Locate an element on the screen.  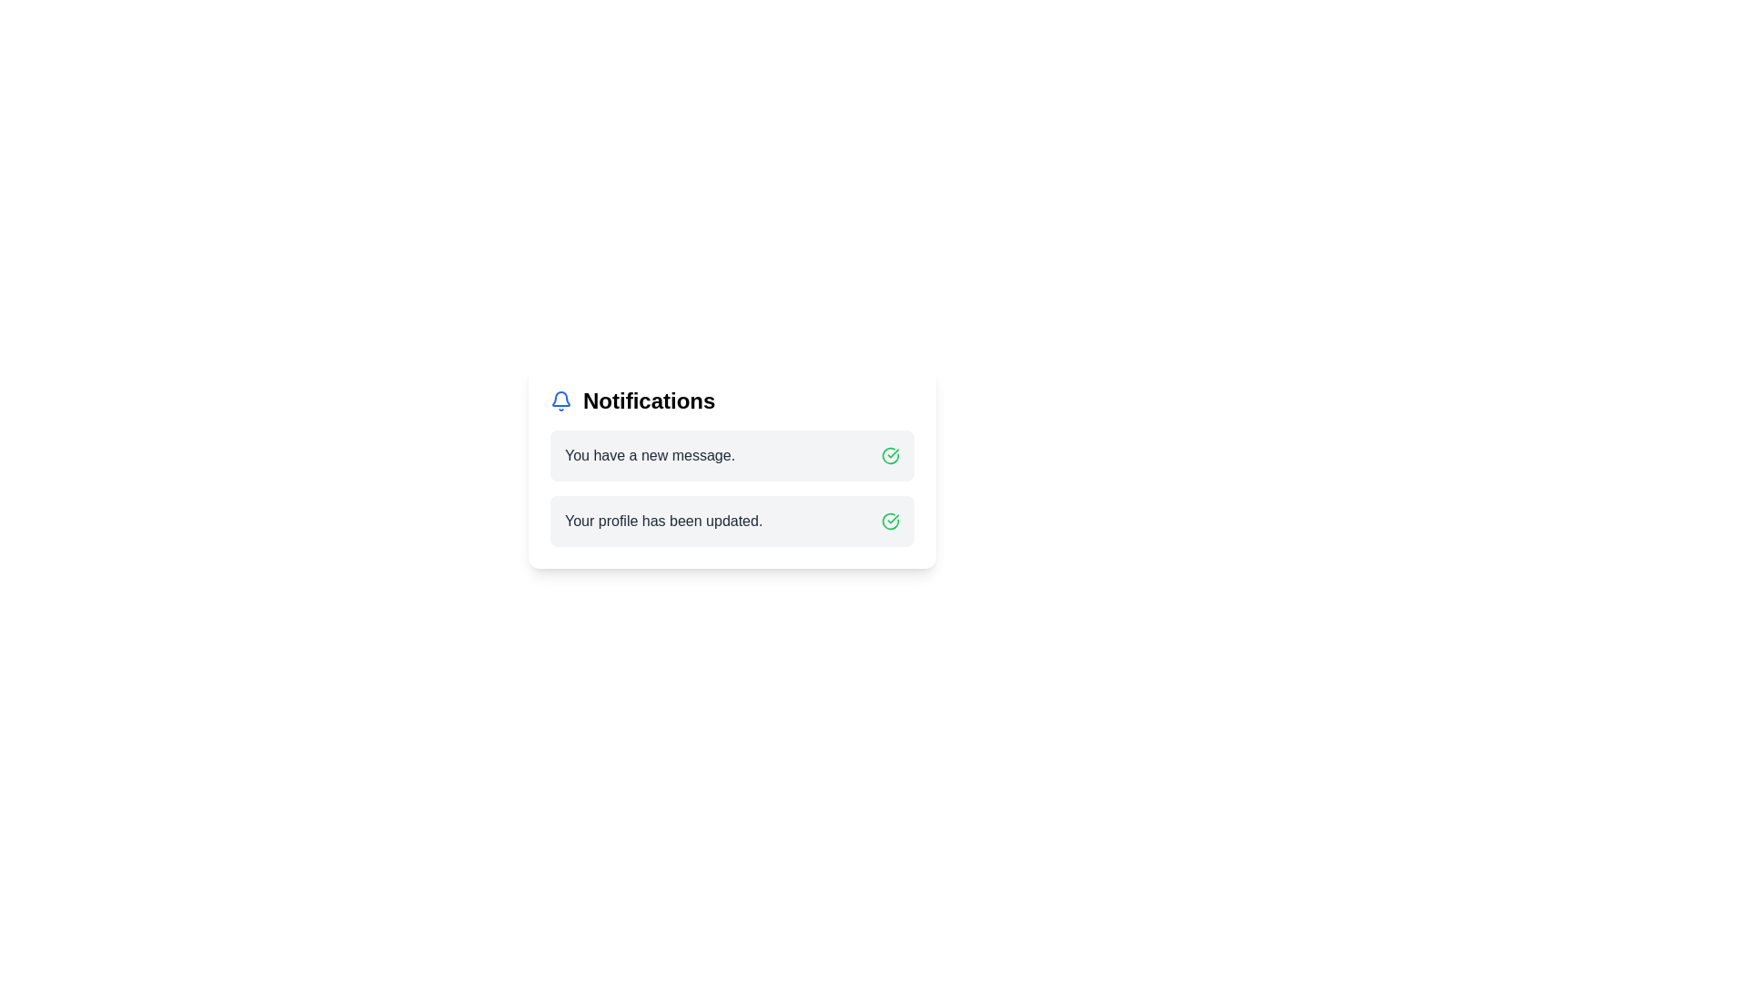
the green circular icon resembling a check mark to acknowledge the notification titled 'Your profile has been updated.' is located at coordinates (891, 522).